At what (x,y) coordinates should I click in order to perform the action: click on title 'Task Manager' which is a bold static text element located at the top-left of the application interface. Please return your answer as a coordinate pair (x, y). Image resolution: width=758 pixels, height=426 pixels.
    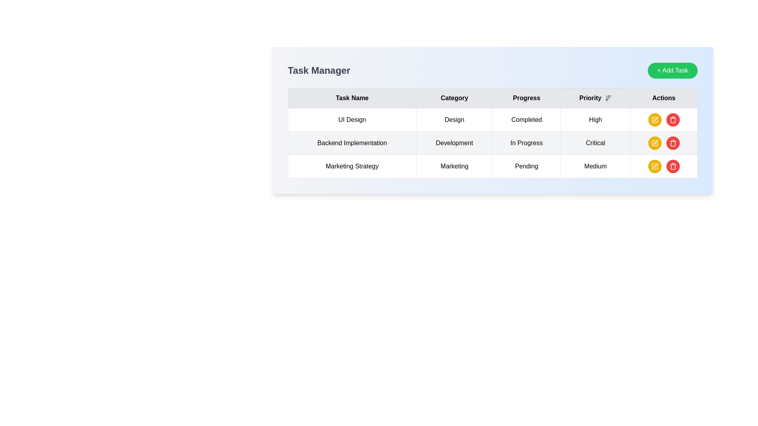
    Looking at the image, I should click on (319, 70).